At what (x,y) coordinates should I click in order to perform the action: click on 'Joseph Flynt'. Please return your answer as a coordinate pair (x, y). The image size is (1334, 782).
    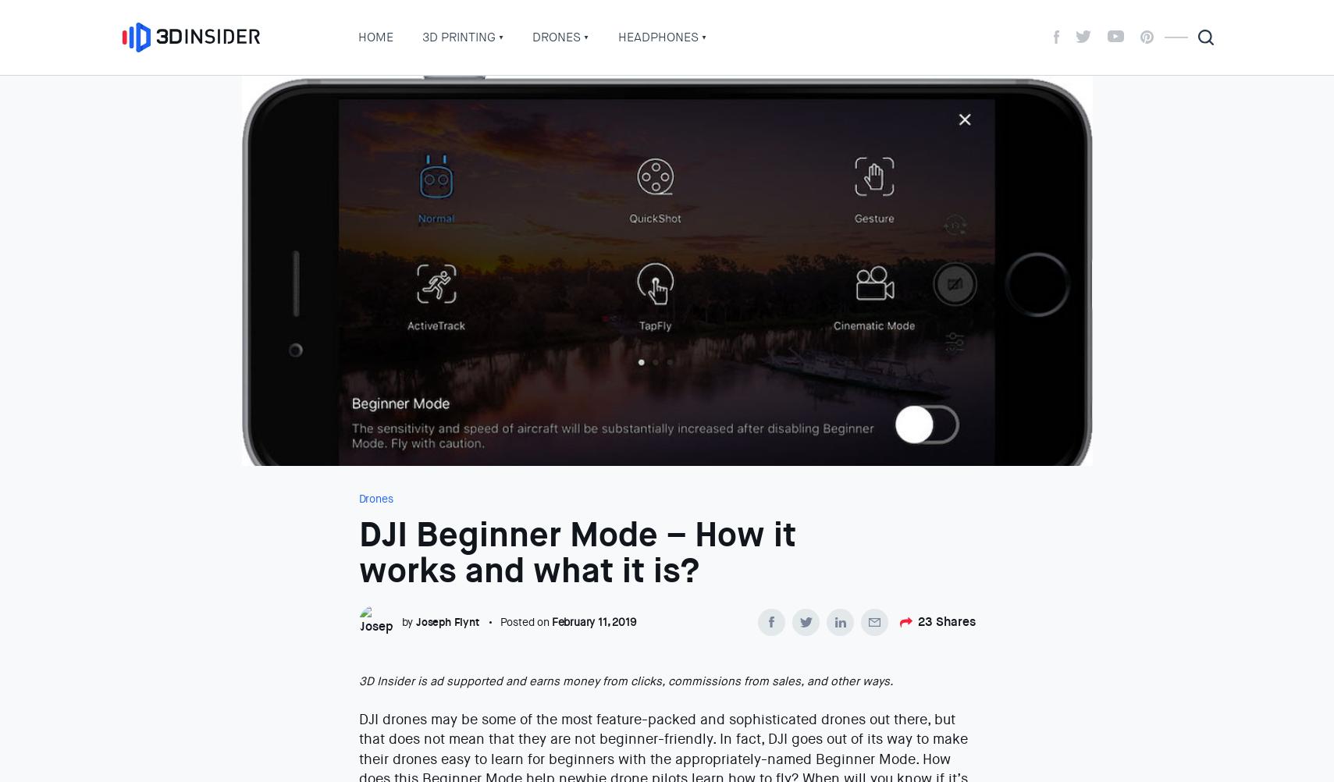
    Looking at the image, I should click on (414, 620).